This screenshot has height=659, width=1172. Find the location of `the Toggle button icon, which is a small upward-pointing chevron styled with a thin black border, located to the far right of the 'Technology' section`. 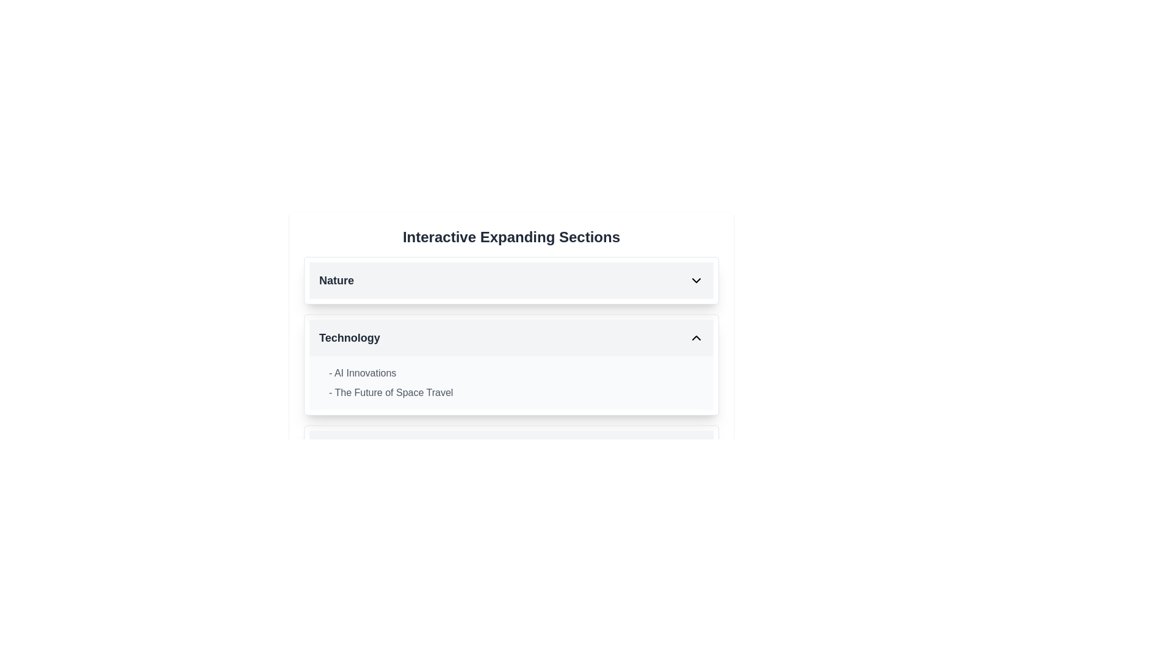

the Toggle button icon, which is a small upward-pointing chevron styled with a thin black border, located to the far right of the 'Technology' section is located at coordinates (696, 338).